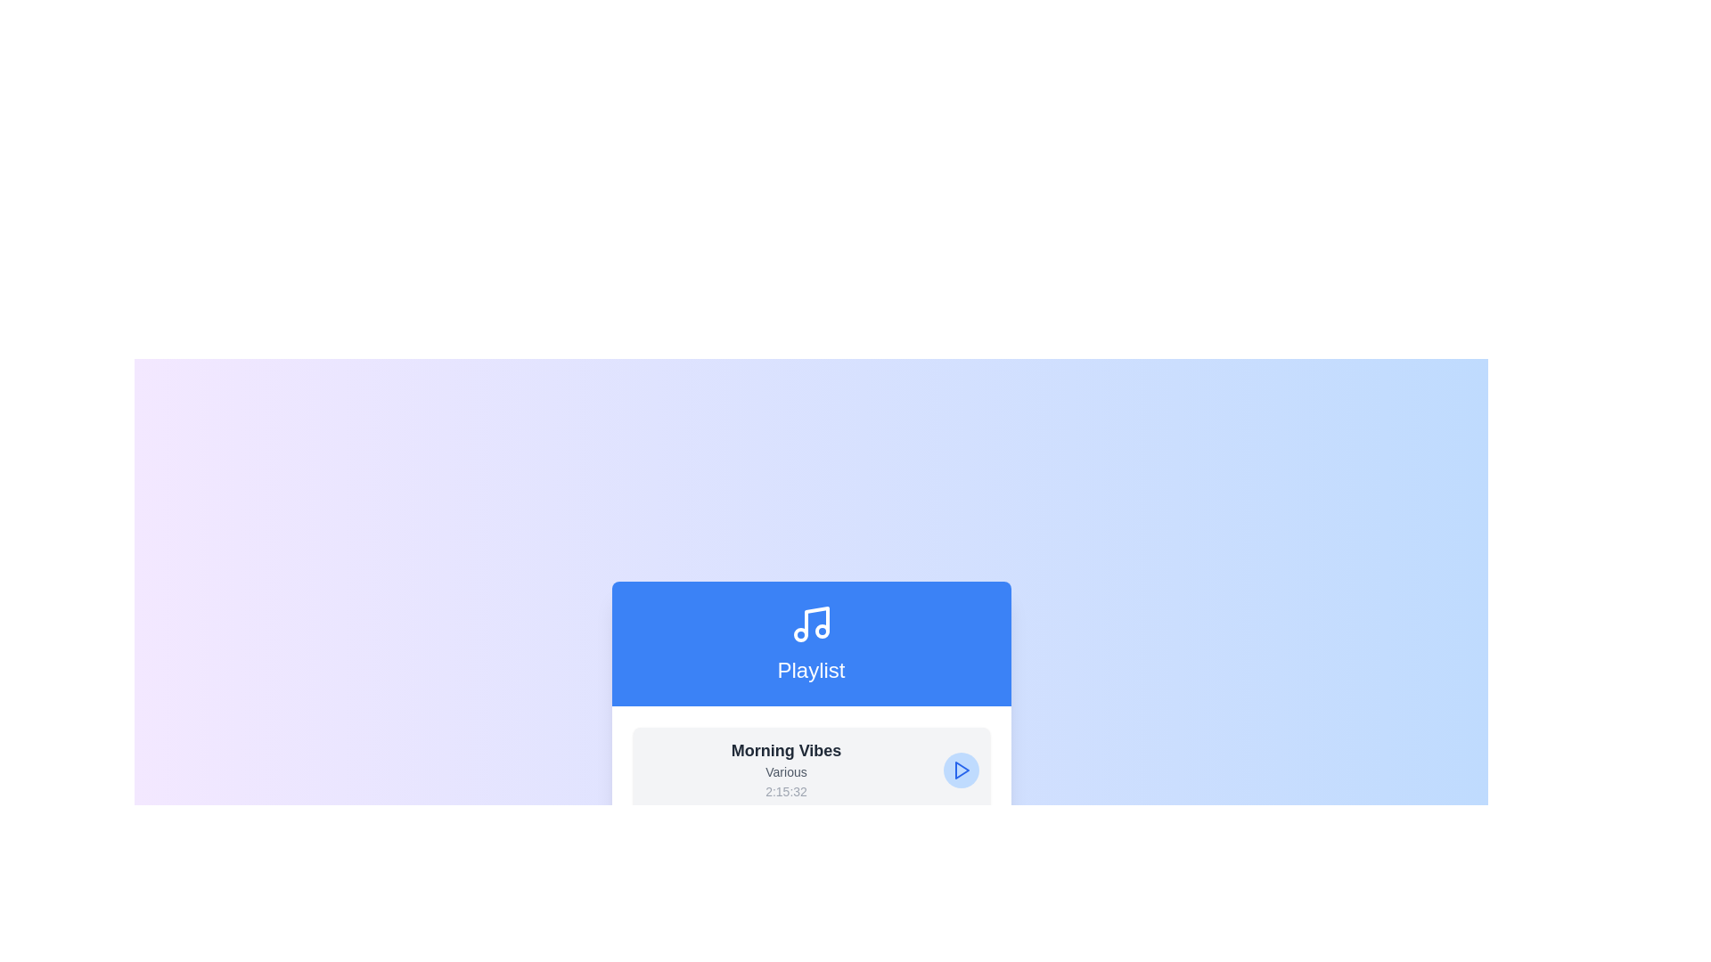  Describe the element at coordinates (815, 621) in the screenshot. I see `the central line of the musical note icon within the blue header area, which is slightly above the text 'Playlist'` at that location.